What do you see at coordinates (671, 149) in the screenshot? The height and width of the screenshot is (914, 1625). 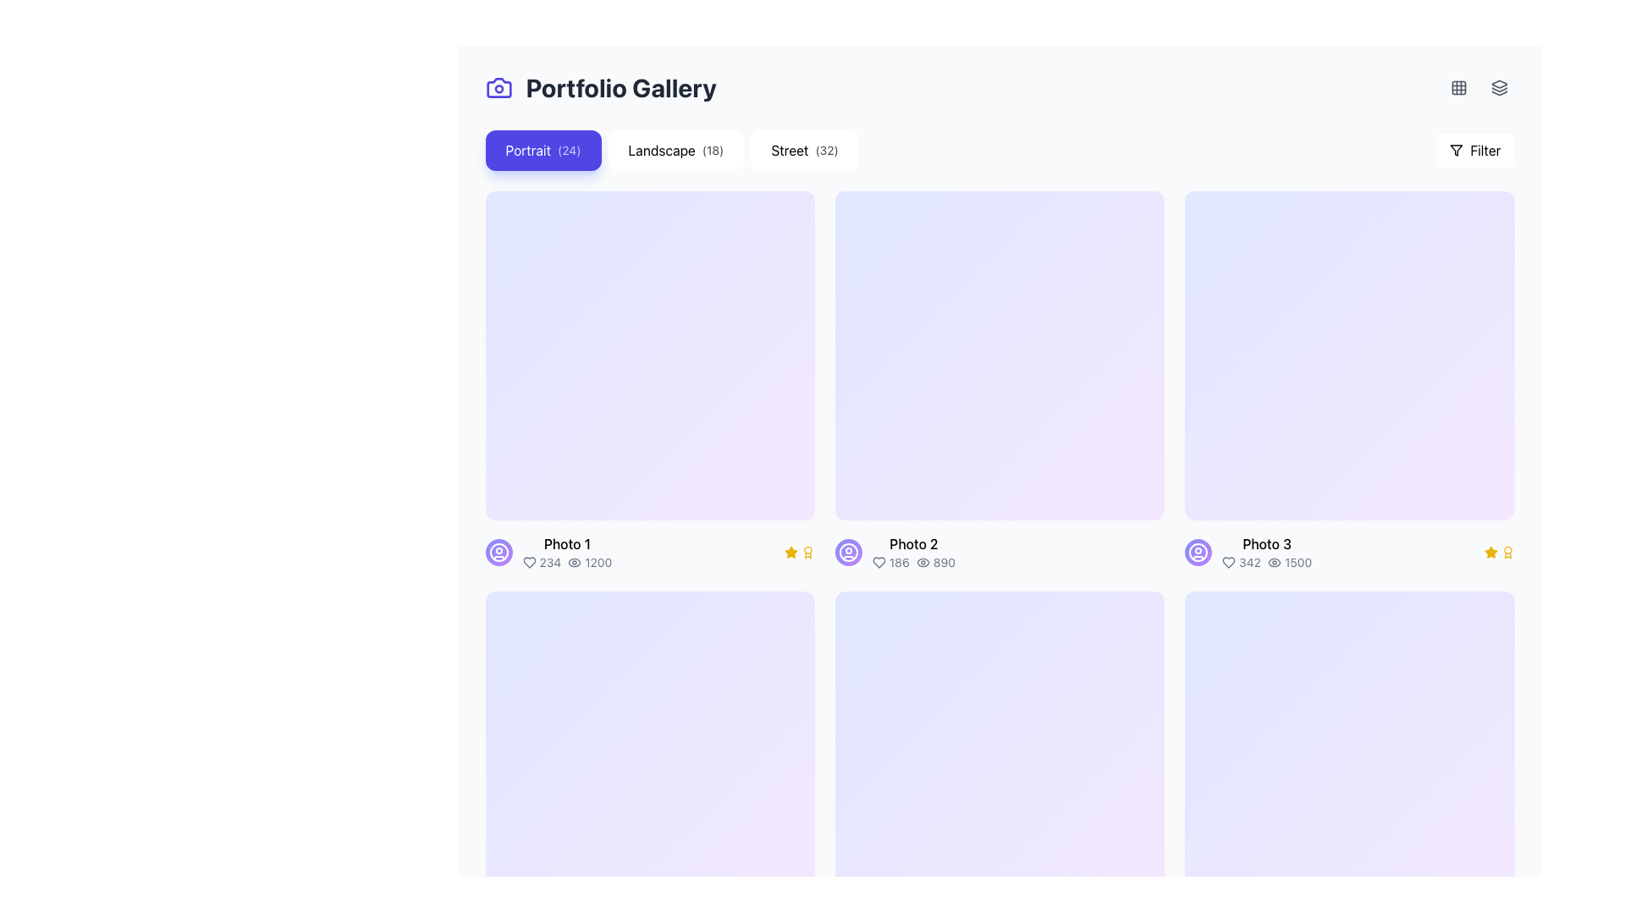 I see `the second button labeled 'Landscape (18)' in the horizontally aligned button group located below the 'Portfolio Gallery' title` at bounding box center [671, 149].